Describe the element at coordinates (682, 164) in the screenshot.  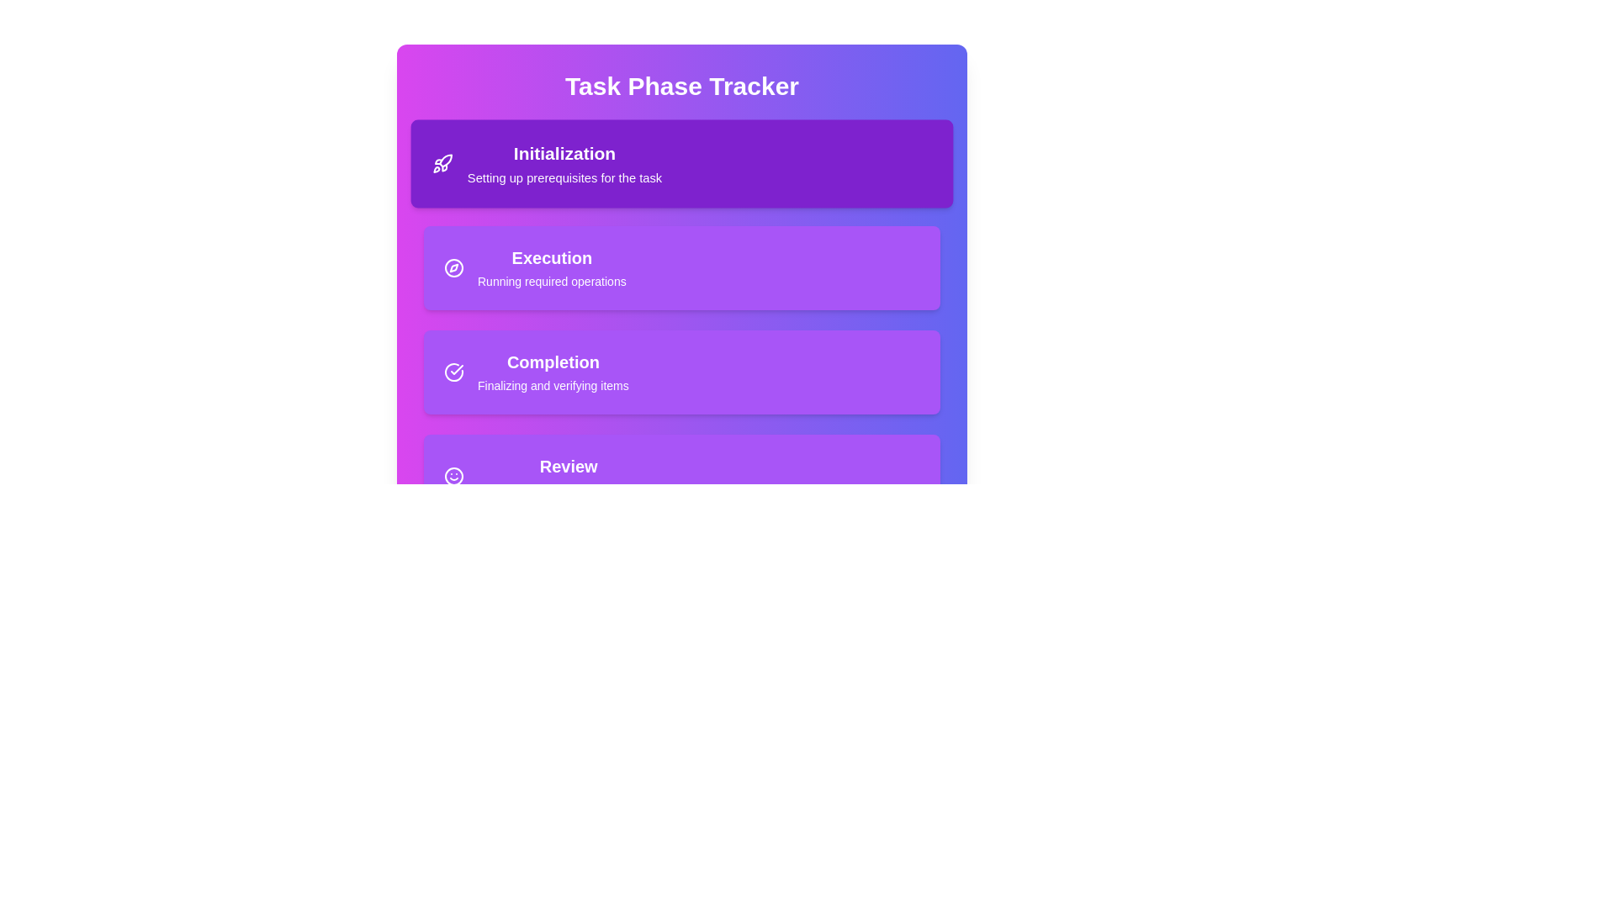
I see `the 'Initialization' phase card in the Task Phase Tracker UI, which is the first card in a column layout of four cards` at that location.